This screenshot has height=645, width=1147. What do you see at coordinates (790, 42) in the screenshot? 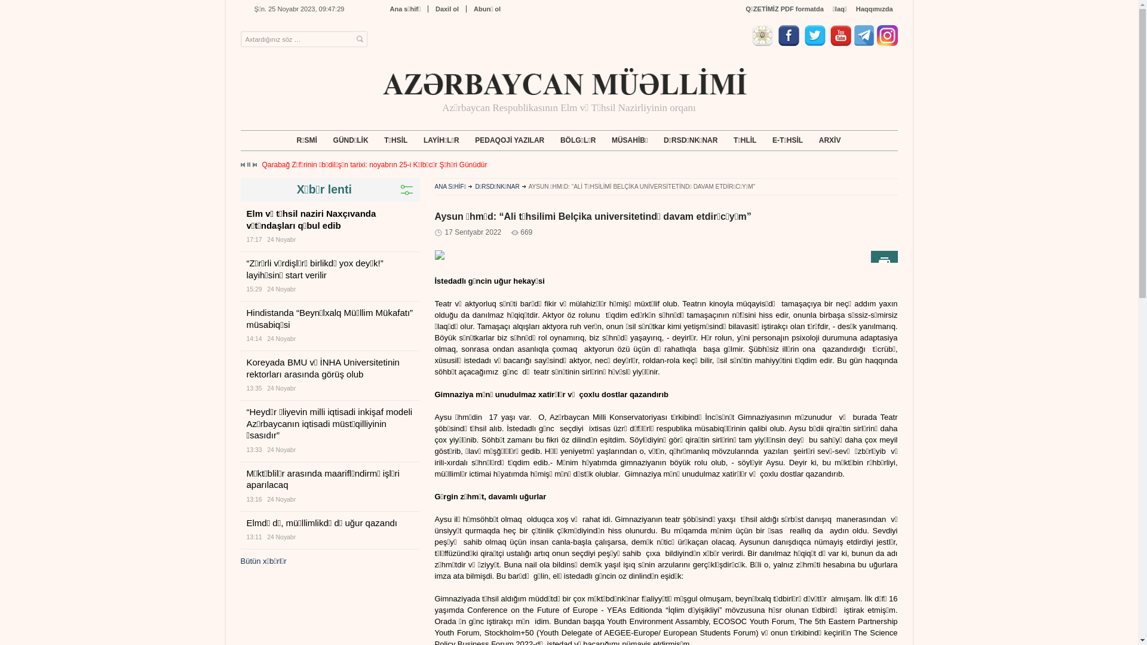
I see `'Facebookda'` at bounding box center [790, 42].